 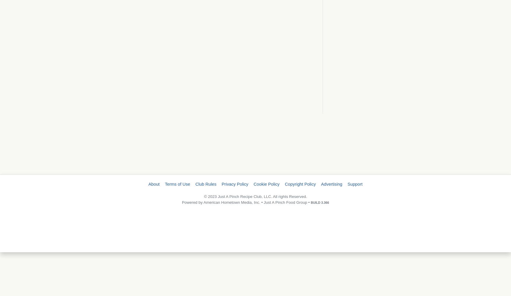 I want to click on 'Powered by American Hometown Media, Inc.
                • Just A Pinch Food Group
                •', so click(x=246, y=202).